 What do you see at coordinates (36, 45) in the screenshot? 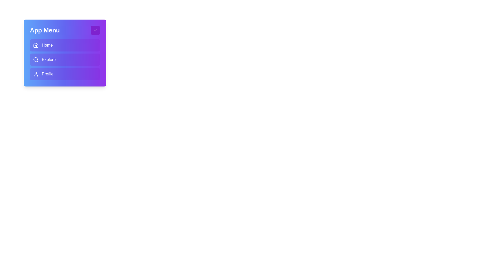
I see `the 'Home' icon located on the left side of the vertical menu, which is the first option above 'Explore' and 'Profile'` at bounding box center [36, 45].